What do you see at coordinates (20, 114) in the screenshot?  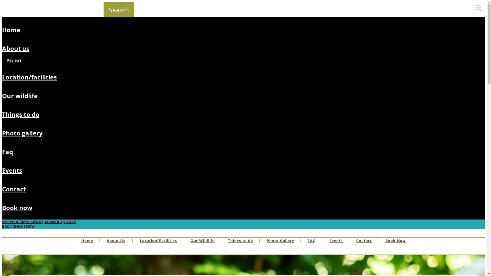 I see `'things to do'` at bounding box center [20, 114].